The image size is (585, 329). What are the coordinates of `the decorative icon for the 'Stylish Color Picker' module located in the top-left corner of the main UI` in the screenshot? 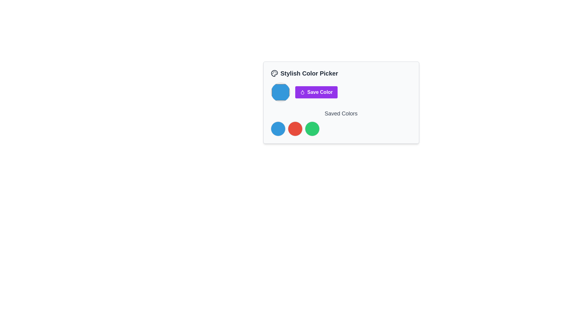 It's located at (274, 73).